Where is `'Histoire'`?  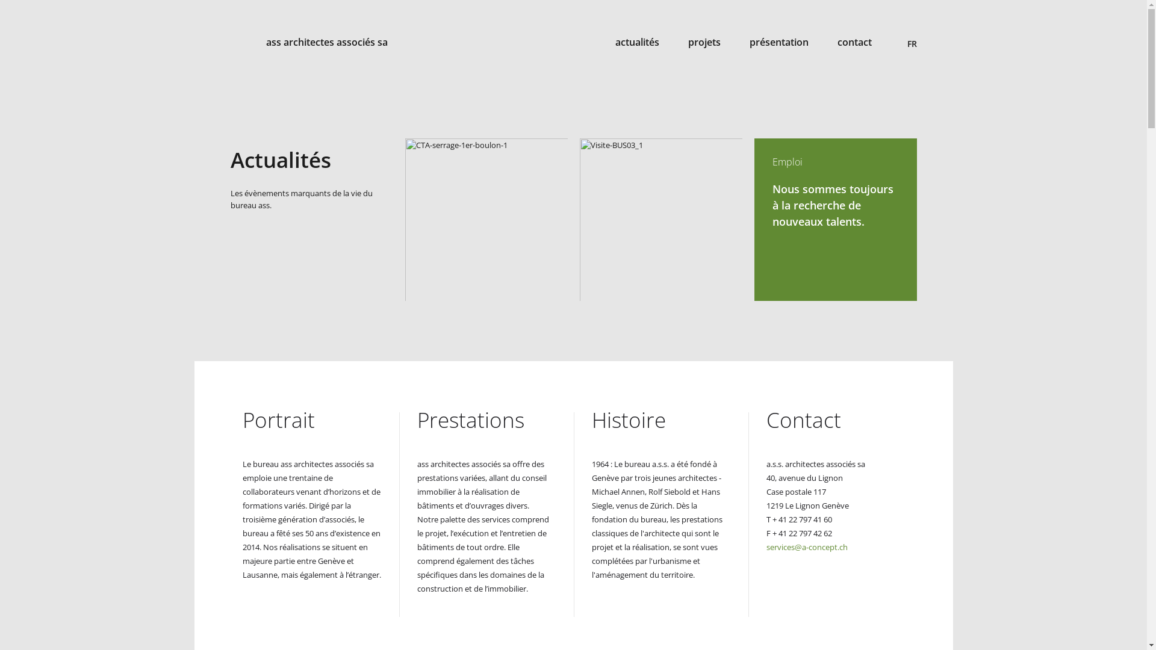
'Histoire' is located at coordinates (627, 419).